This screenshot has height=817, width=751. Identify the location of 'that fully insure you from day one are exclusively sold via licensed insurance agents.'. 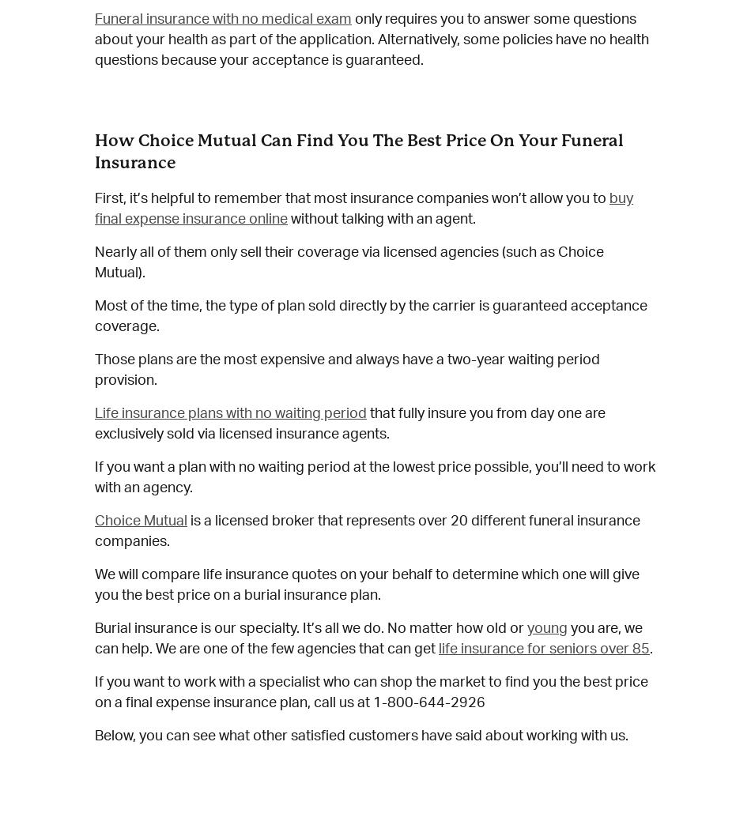
(94, 424).